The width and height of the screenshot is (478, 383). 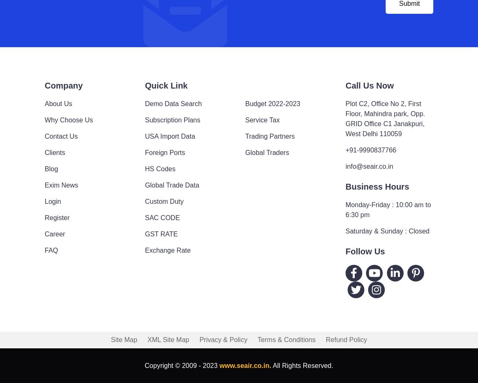 I want to click on 'Site Map', so click(x=124, y=339).